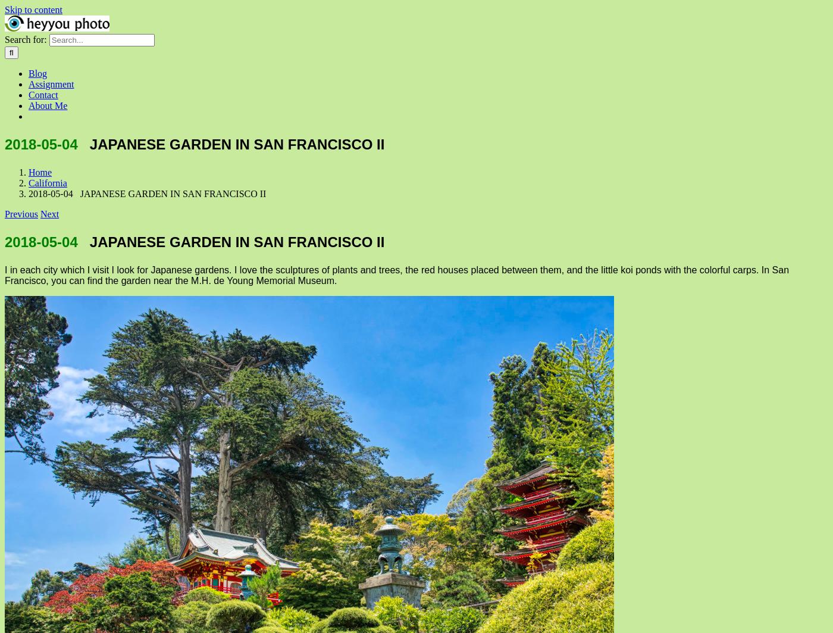 The width and height of the screenshot is (833, 633). What do you see at coordinates (21, 214) in the screenshot?
I see `'Previous'` at bounding box center [21, 214].